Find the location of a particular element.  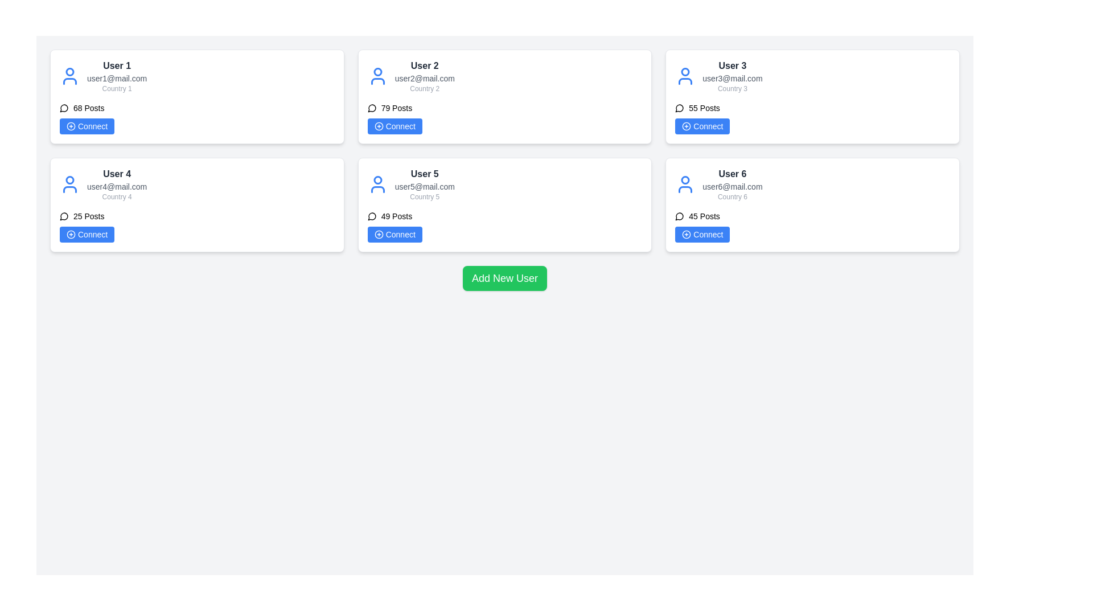

the speech bubble icon located in the bottom-right corner of the 'User 6' card, adjacent to the '45 Posts' label, to integrate with the surrounding interface is located at coordinates (680, 216).